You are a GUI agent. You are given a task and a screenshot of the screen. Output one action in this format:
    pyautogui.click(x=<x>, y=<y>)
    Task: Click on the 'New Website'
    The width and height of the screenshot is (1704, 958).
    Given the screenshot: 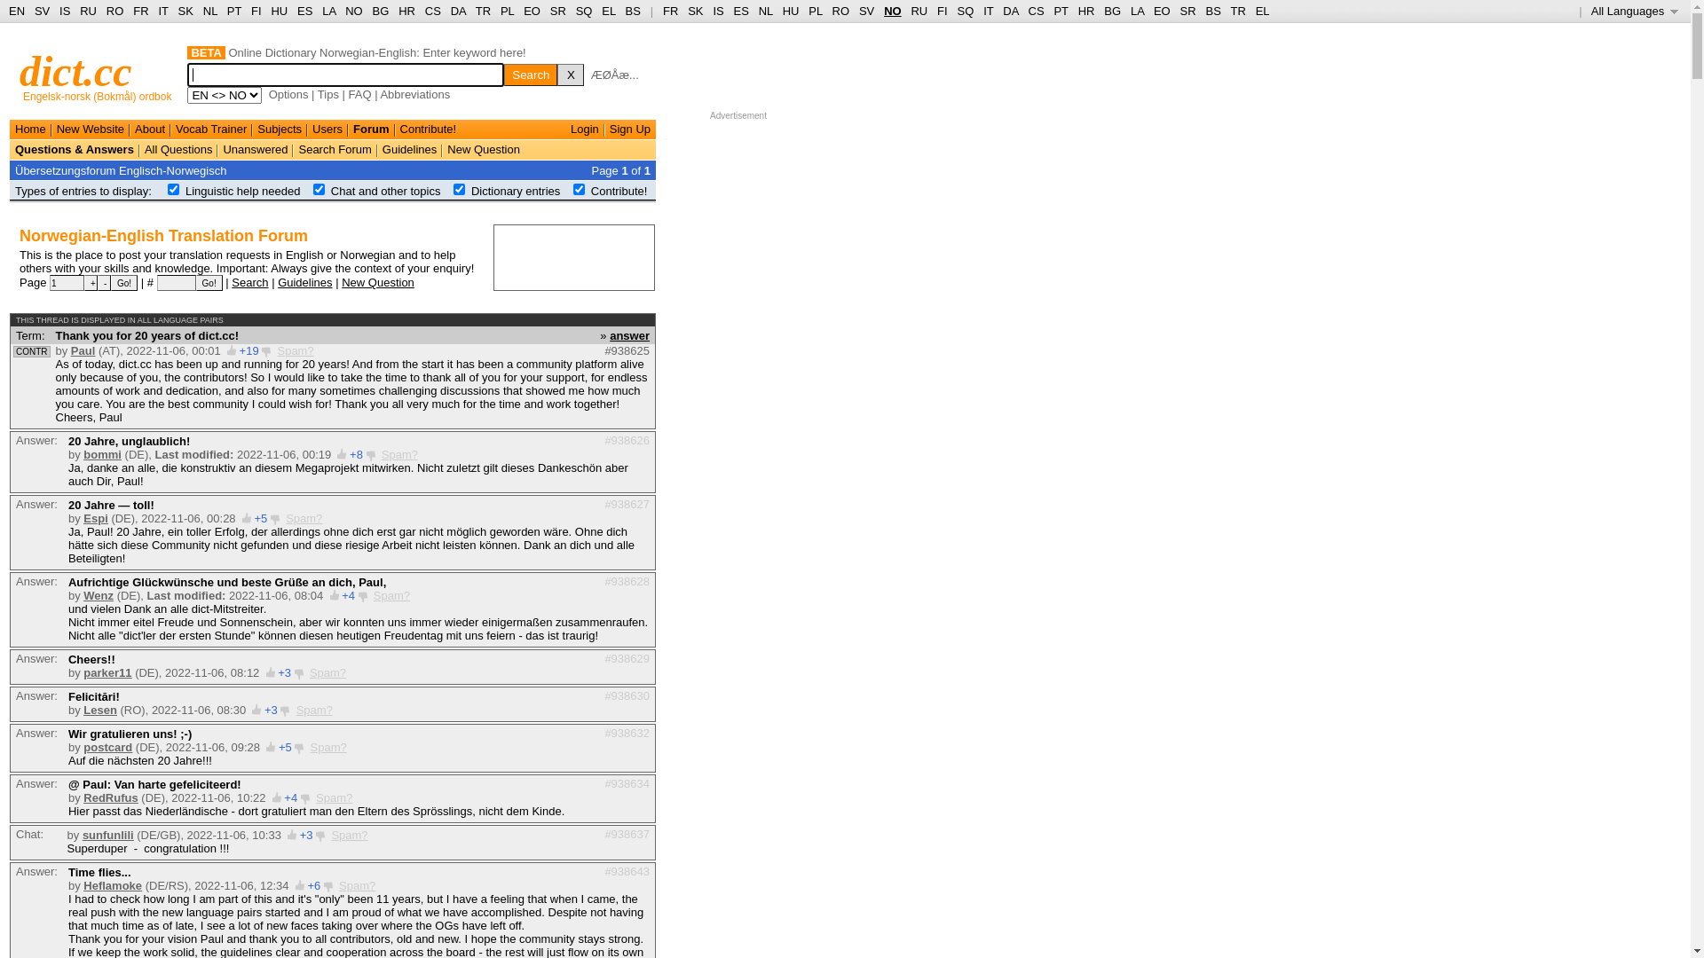 What is the action you would take?
    pyautogui.click(x=89, y=128)
    